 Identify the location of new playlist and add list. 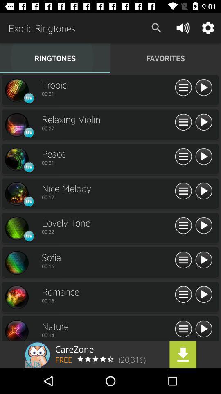
(183, 295).